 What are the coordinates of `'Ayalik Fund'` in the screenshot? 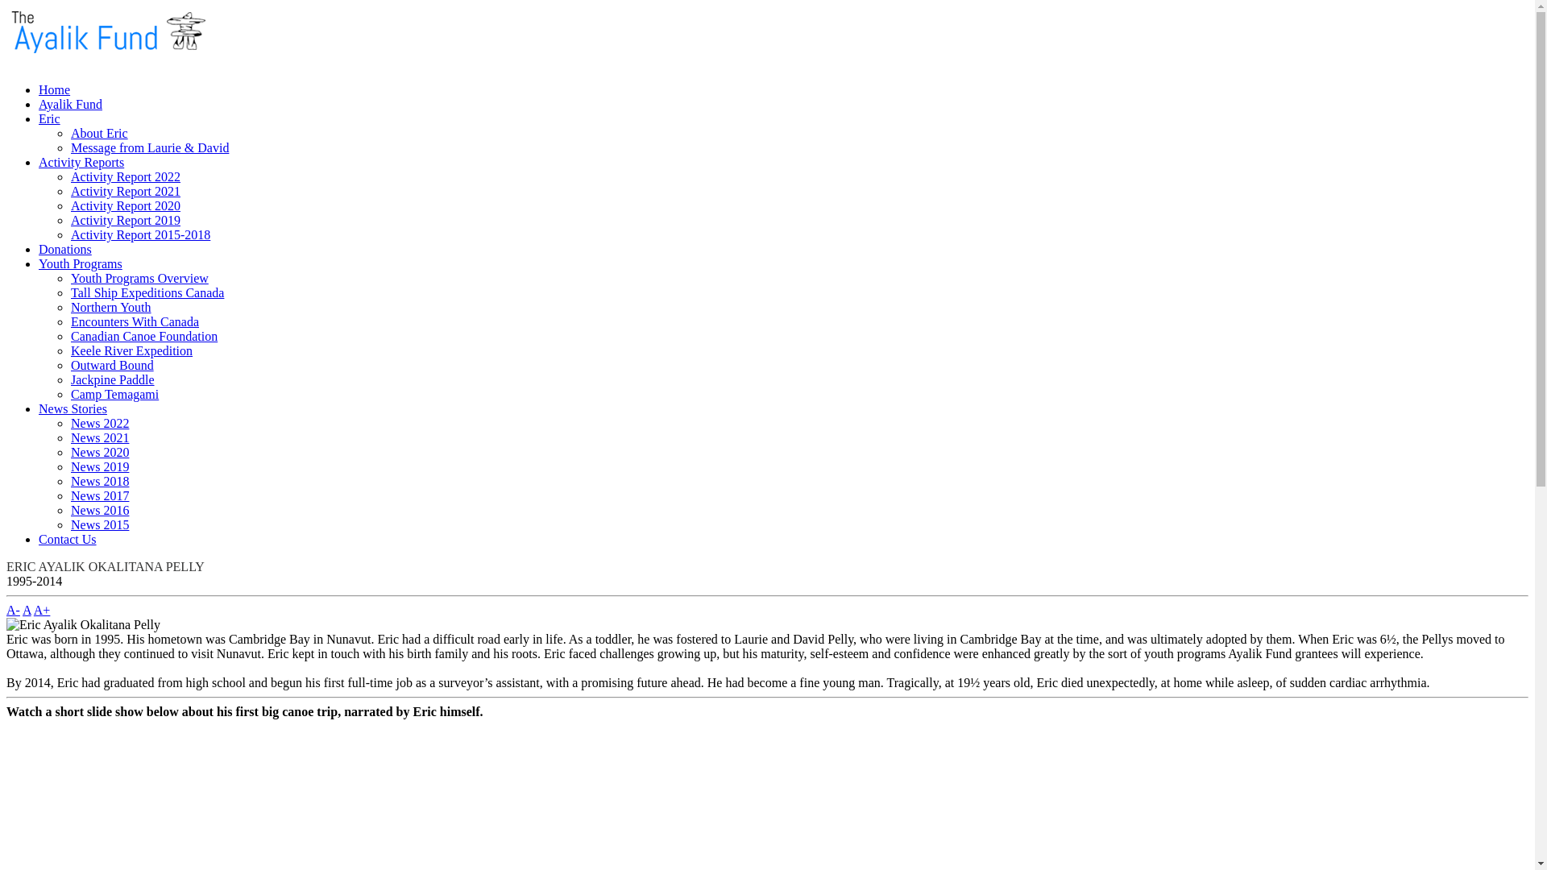 It's located at (69, 104).